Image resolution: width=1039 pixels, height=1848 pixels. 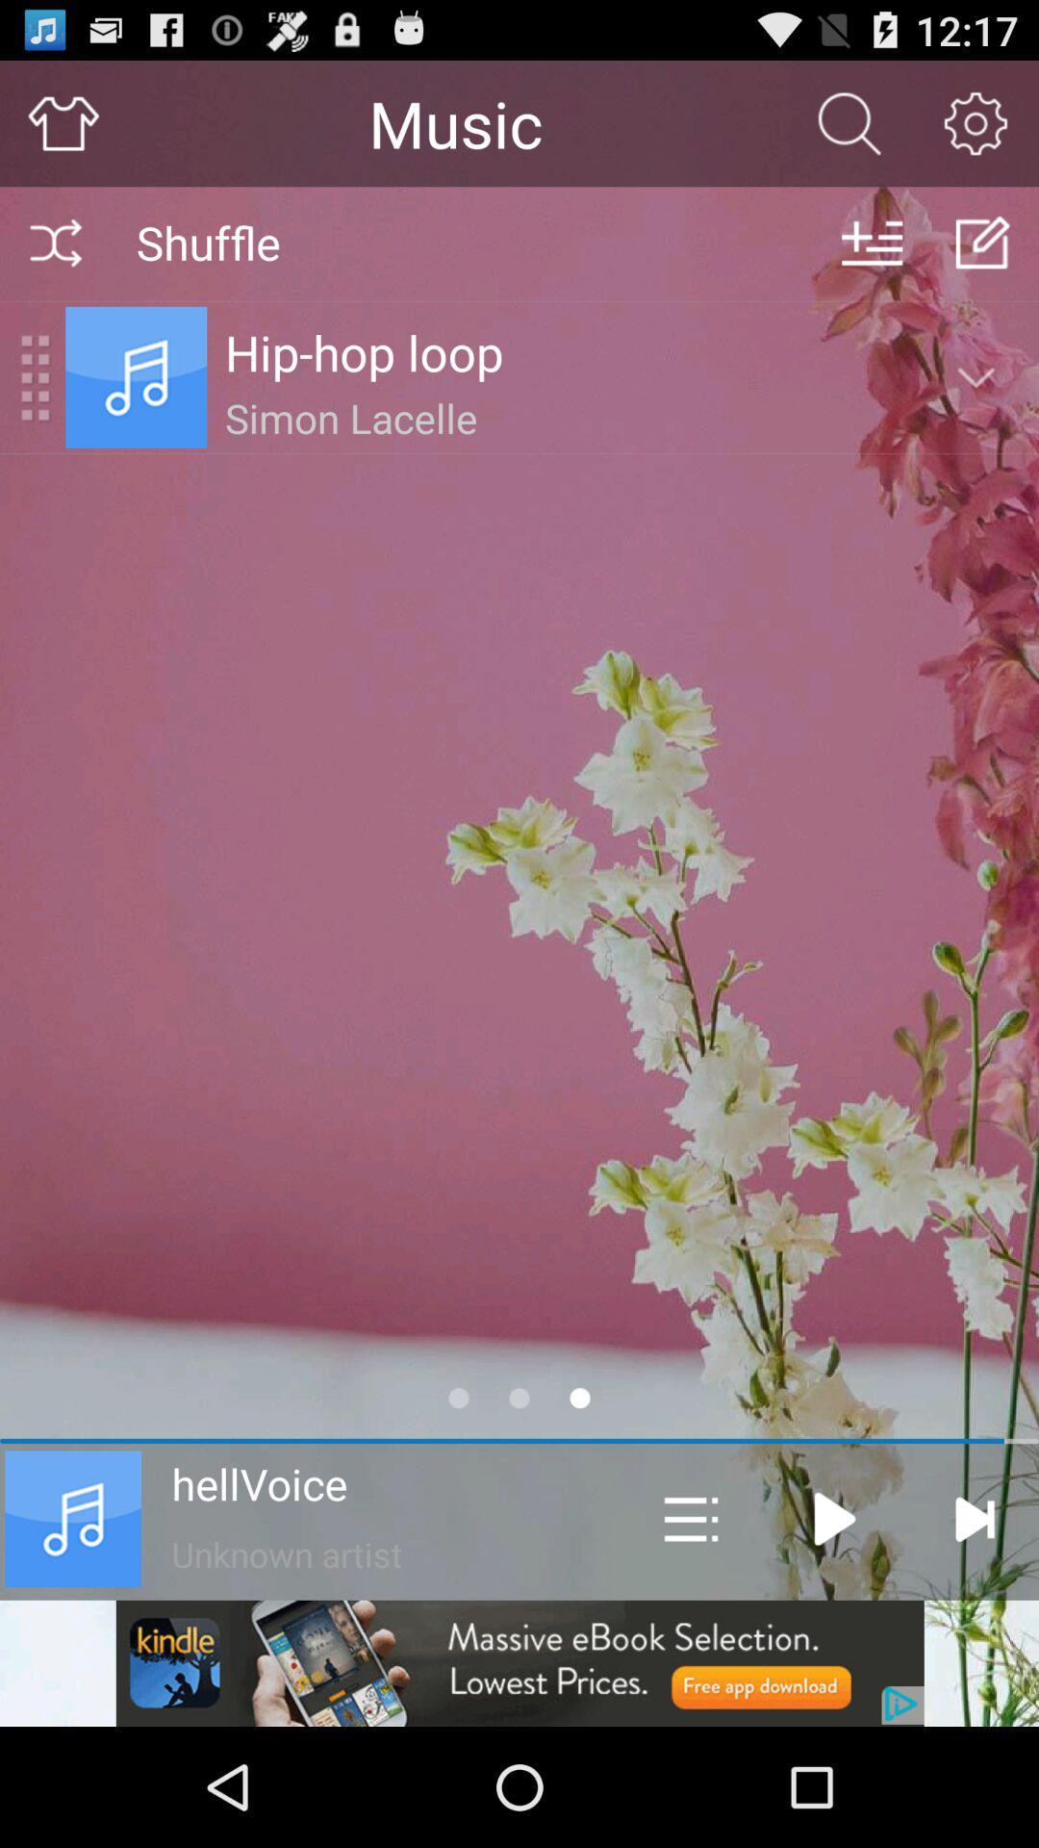 I want to click on the edit icon, so click(x=983, y=258).